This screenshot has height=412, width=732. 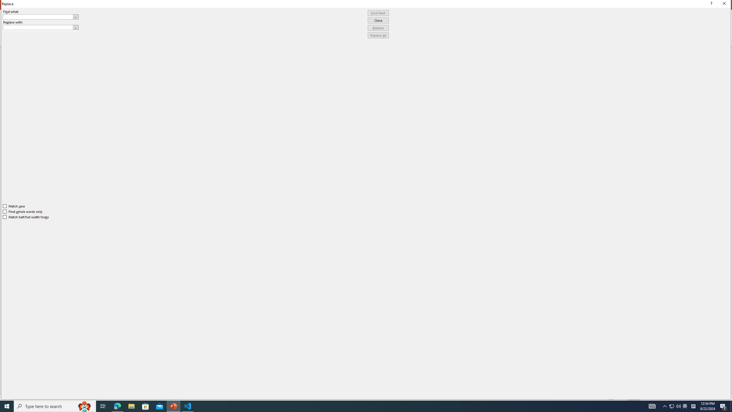 I want to click on 'Match half/full width forms', so click(x=26, y=217).